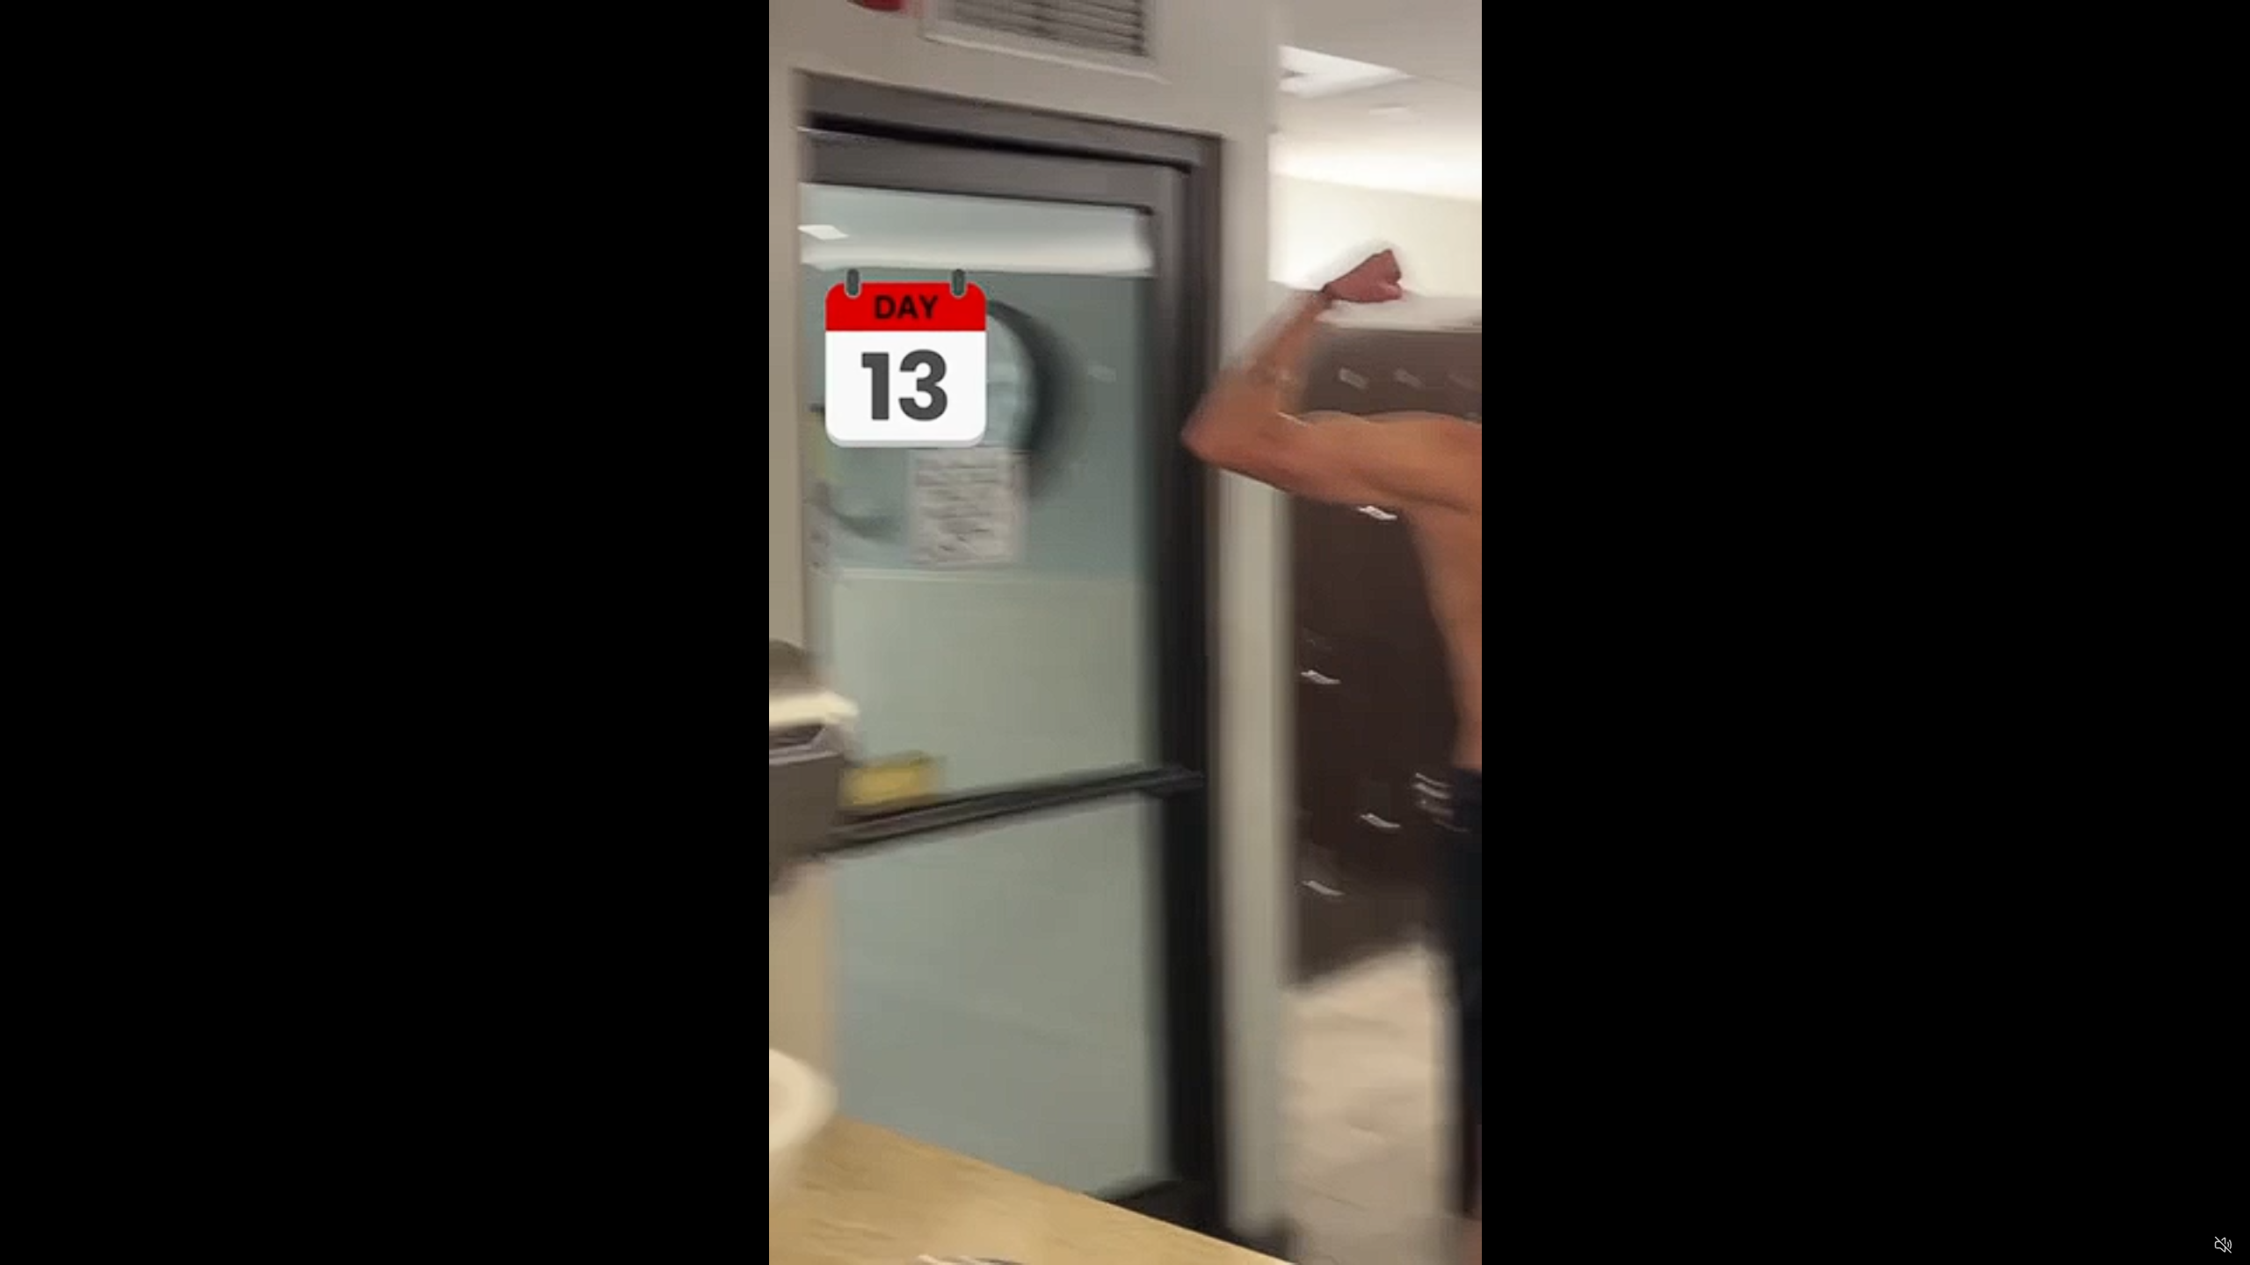  I want to click on 'Captions', so click(2154, 1245).